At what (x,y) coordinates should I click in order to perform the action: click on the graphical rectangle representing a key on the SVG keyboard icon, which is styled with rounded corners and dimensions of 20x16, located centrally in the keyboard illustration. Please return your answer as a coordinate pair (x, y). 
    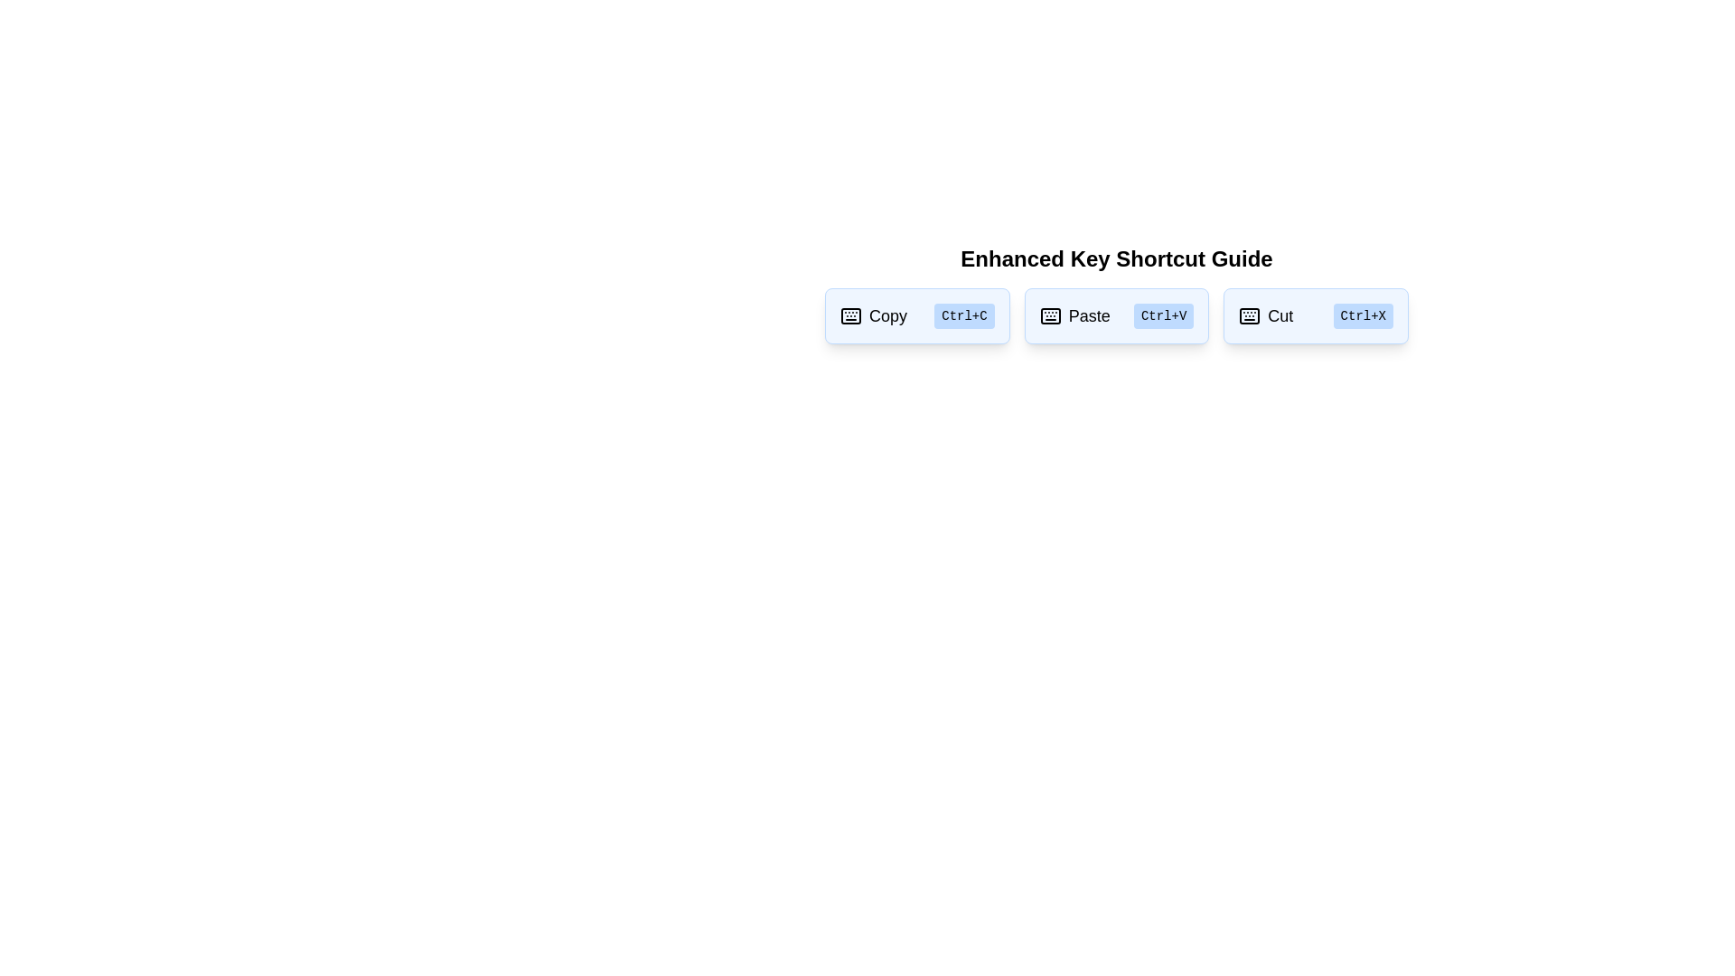
    Looking at the image, I should click on (849, 315).